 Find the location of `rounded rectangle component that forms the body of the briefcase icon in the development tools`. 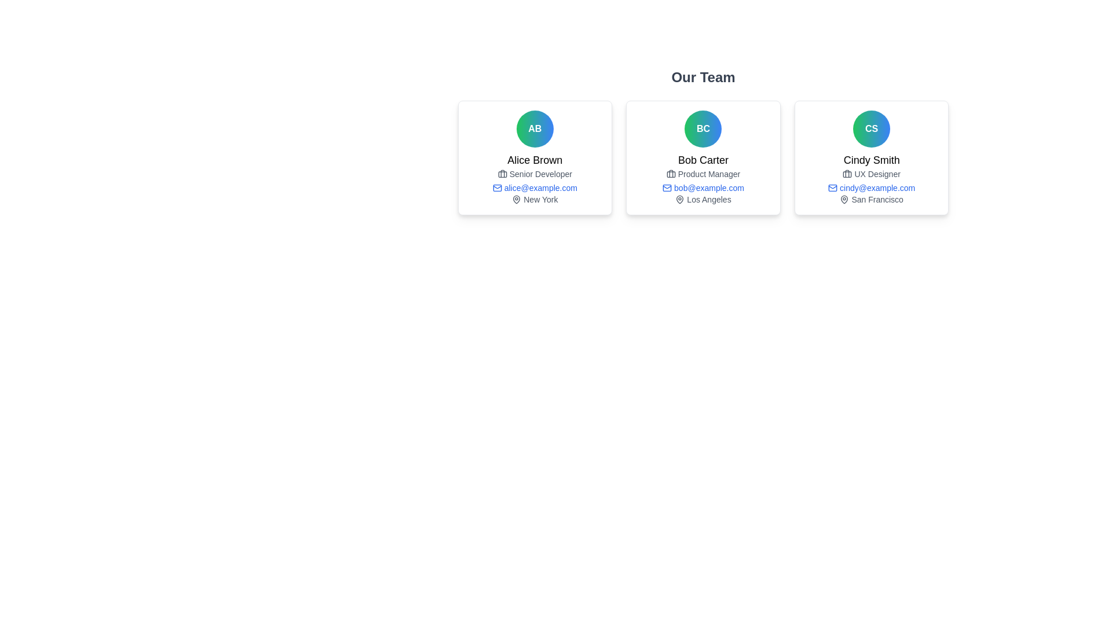

rounded rectangle component that forms the body of the briefcase icon in the development tools is located at coordinates (502, 174).